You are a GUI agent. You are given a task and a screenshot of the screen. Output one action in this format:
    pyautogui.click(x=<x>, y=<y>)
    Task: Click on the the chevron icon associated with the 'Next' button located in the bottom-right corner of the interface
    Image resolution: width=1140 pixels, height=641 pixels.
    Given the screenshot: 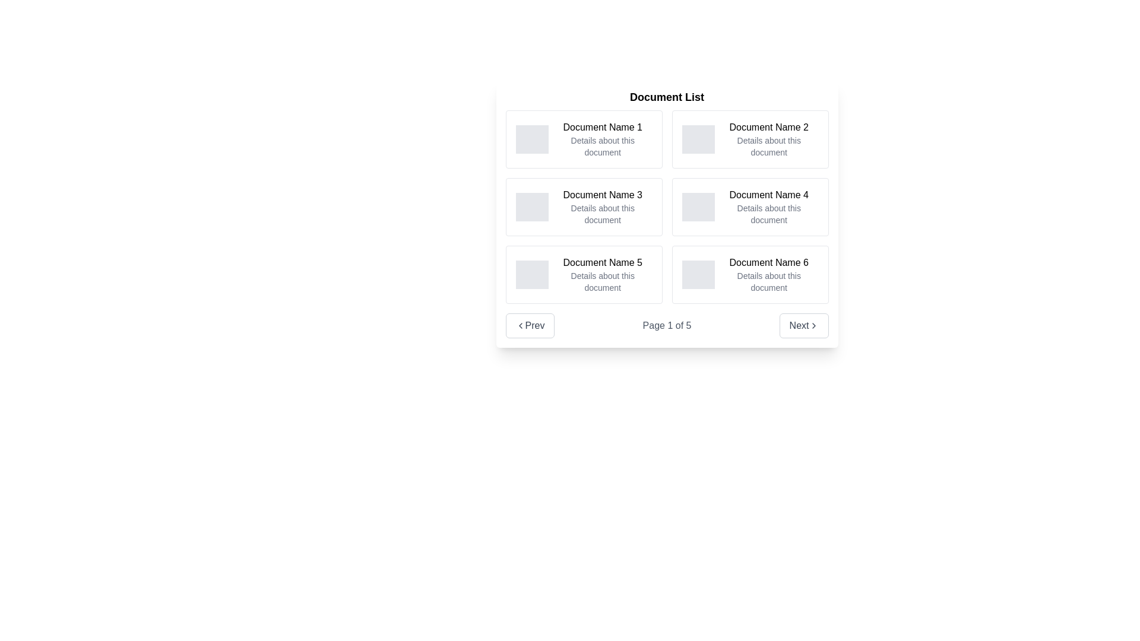 What is the action you would take?
    pyautogui.click(x=813, y=325)
    